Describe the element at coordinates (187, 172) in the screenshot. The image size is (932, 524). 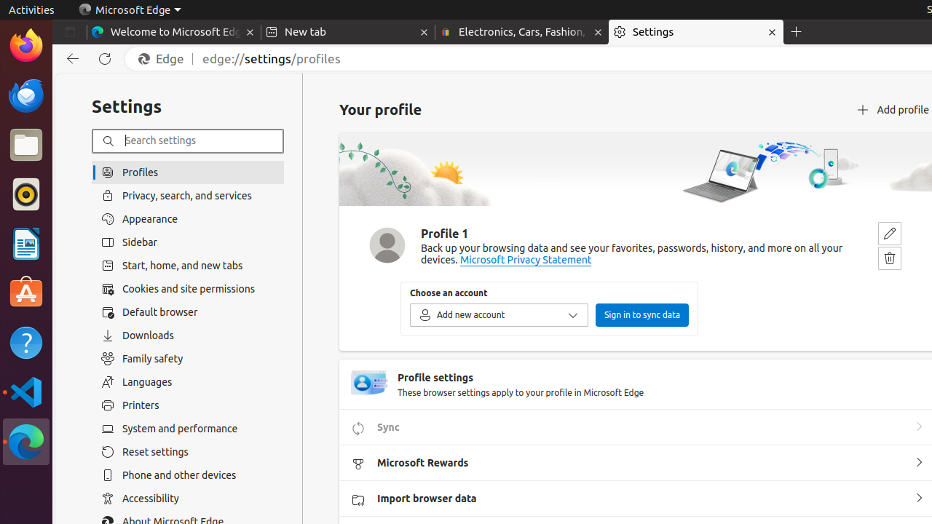
I see `'Profiles'` at that location.